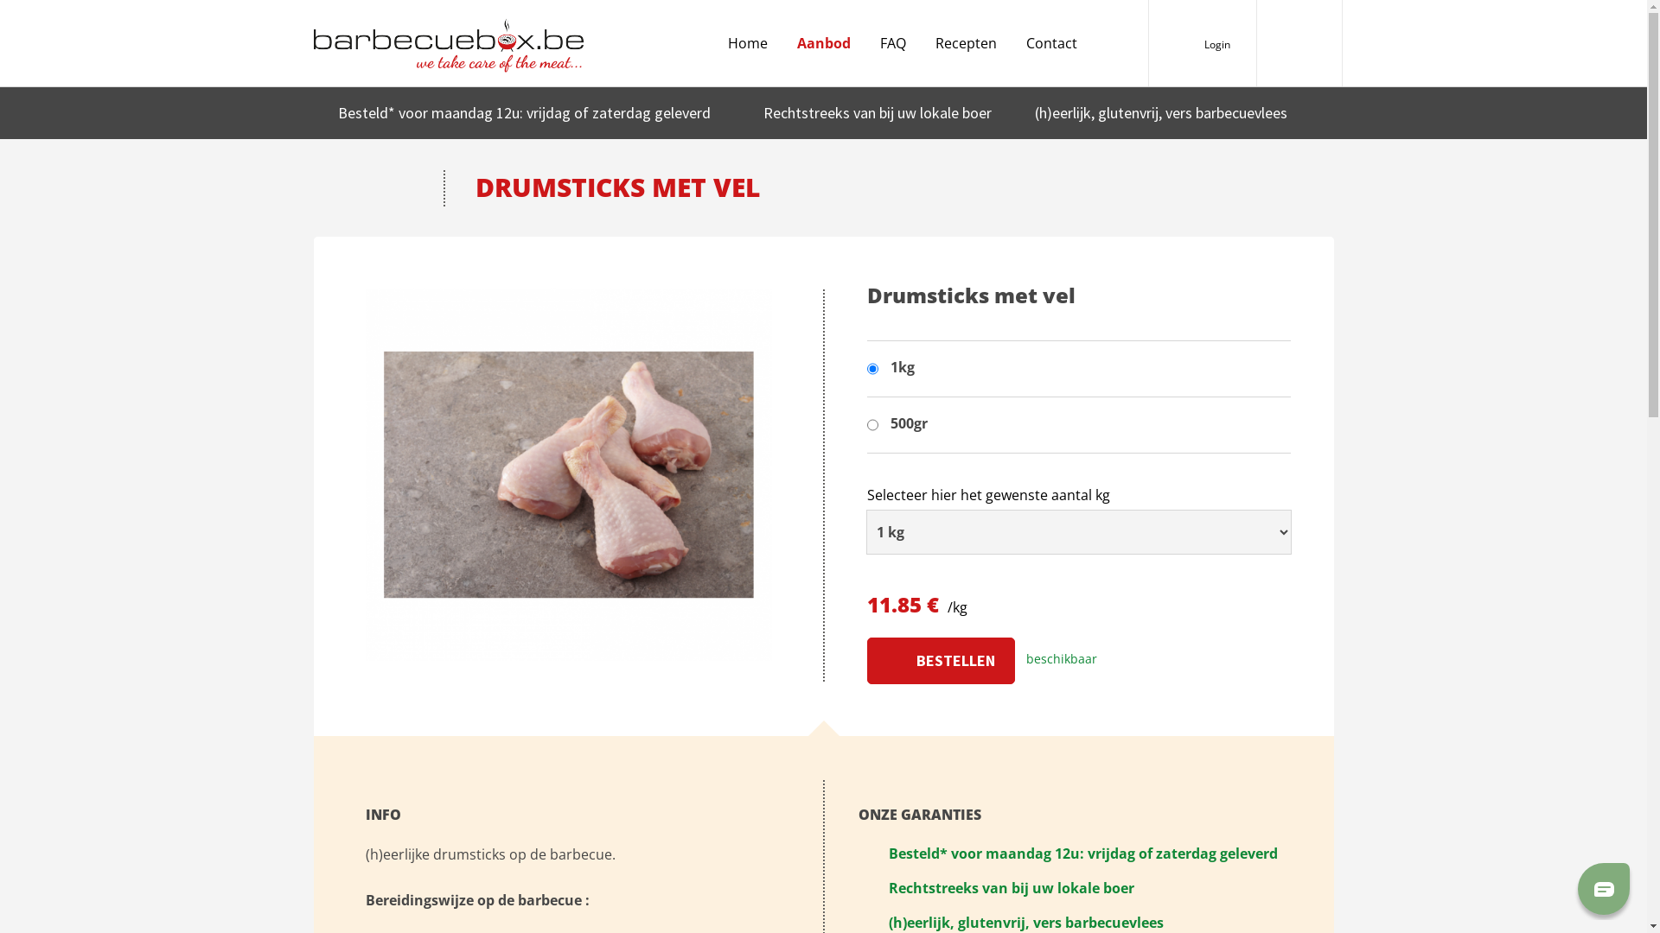  Describe the element at coordinates (870, 42) in the screenshot. I see `'FAQ'` at that location.